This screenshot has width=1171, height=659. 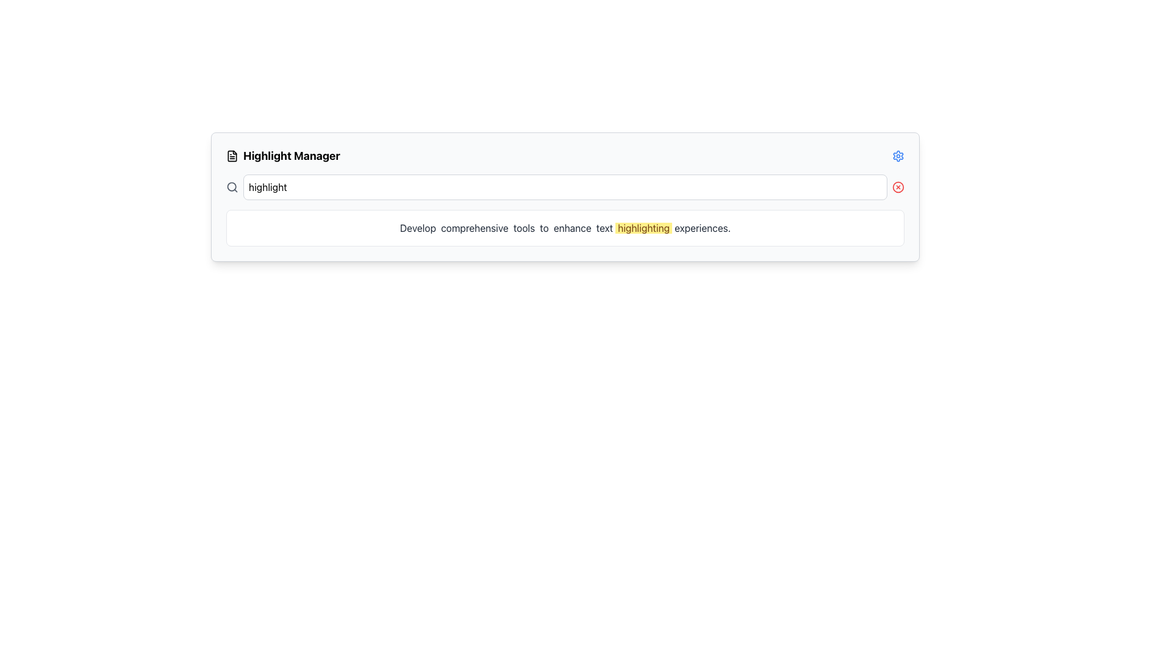 What do you see at coordinates (604, 228) in the screenshot?
I see `the Text Label that is the sixth word in the sentence 'Develop comprehensive tools to enhance text highlighting experiences.' located near the middle of the sentence between 'enhance' and 'highlighting'` at bounding box center [604, 228].